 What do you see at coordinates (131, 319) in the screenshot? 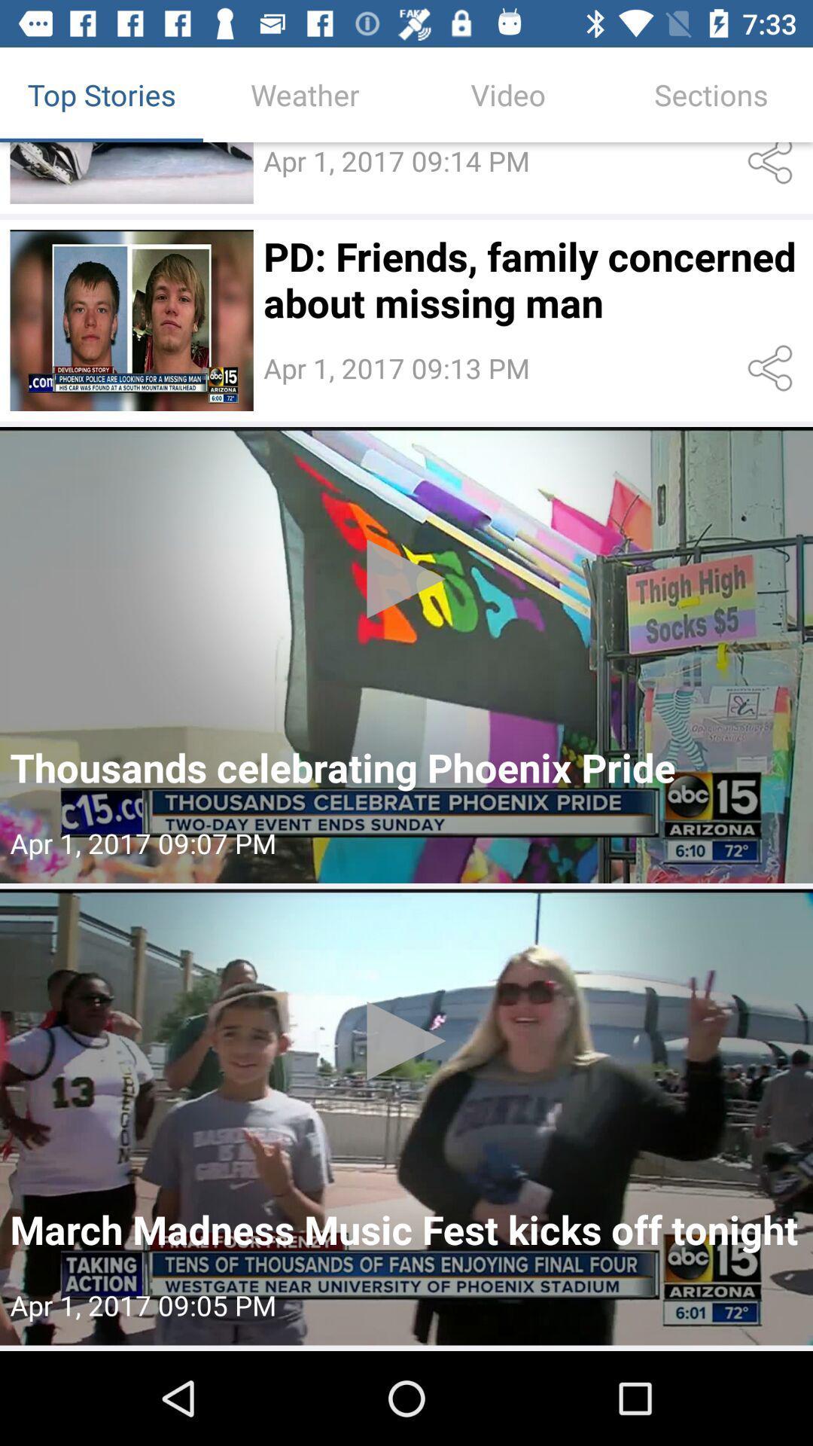
I see `article` at bounding box center [131, 319].